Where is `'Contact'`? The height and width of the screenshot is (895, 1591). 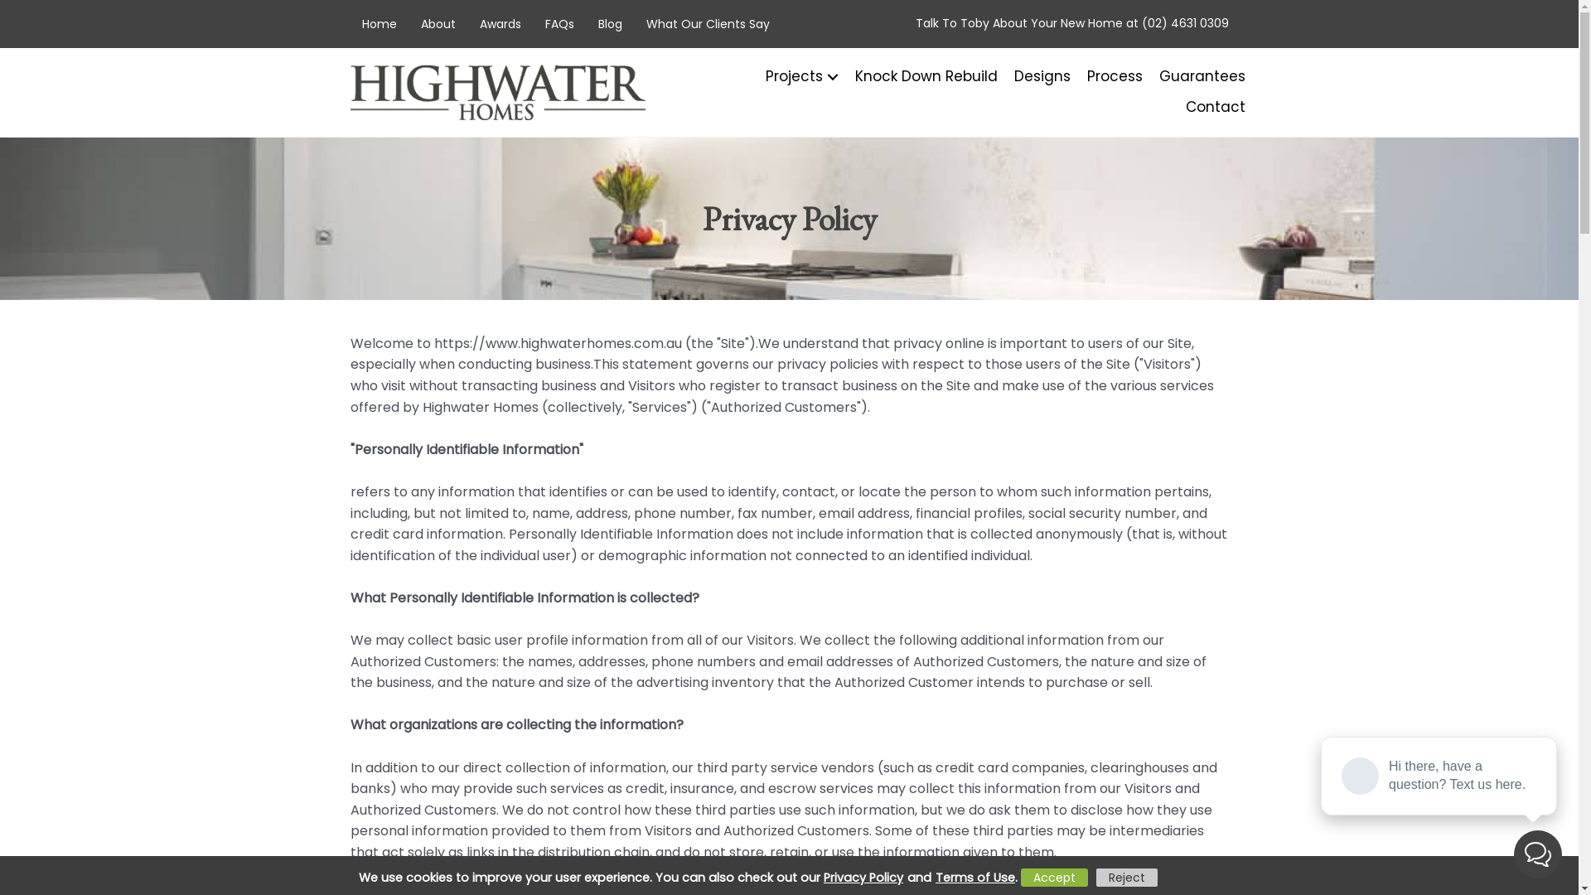 'Contact' is located at coordinates (1207, 107).